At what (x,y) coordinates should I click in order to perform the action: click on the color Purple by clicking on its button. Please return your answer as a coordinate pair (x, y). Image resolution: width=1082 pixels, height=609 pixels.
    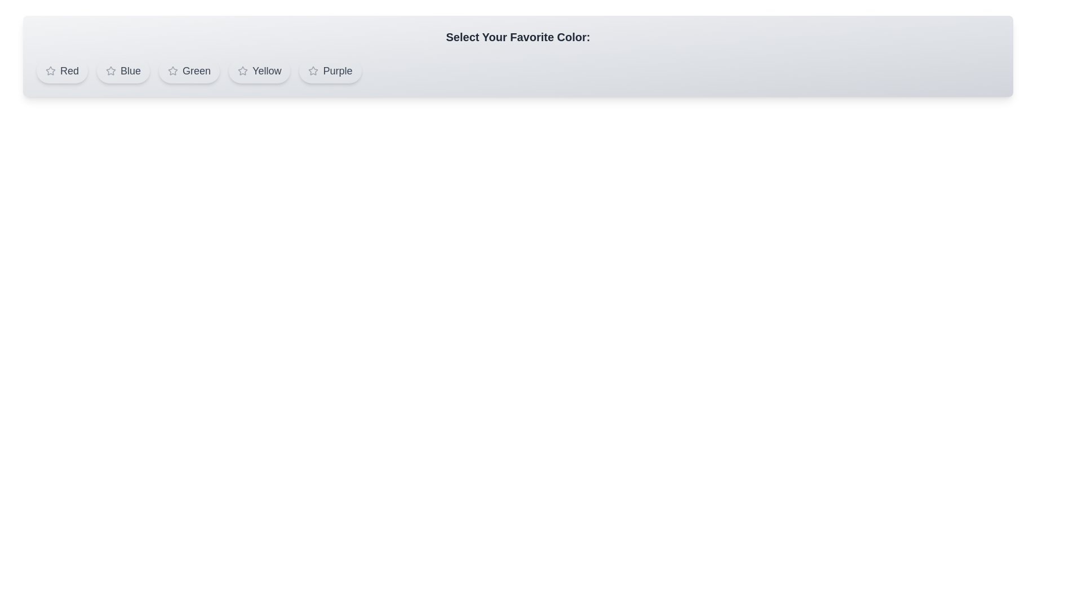
    Looking at the image, I should click on (330, 71).